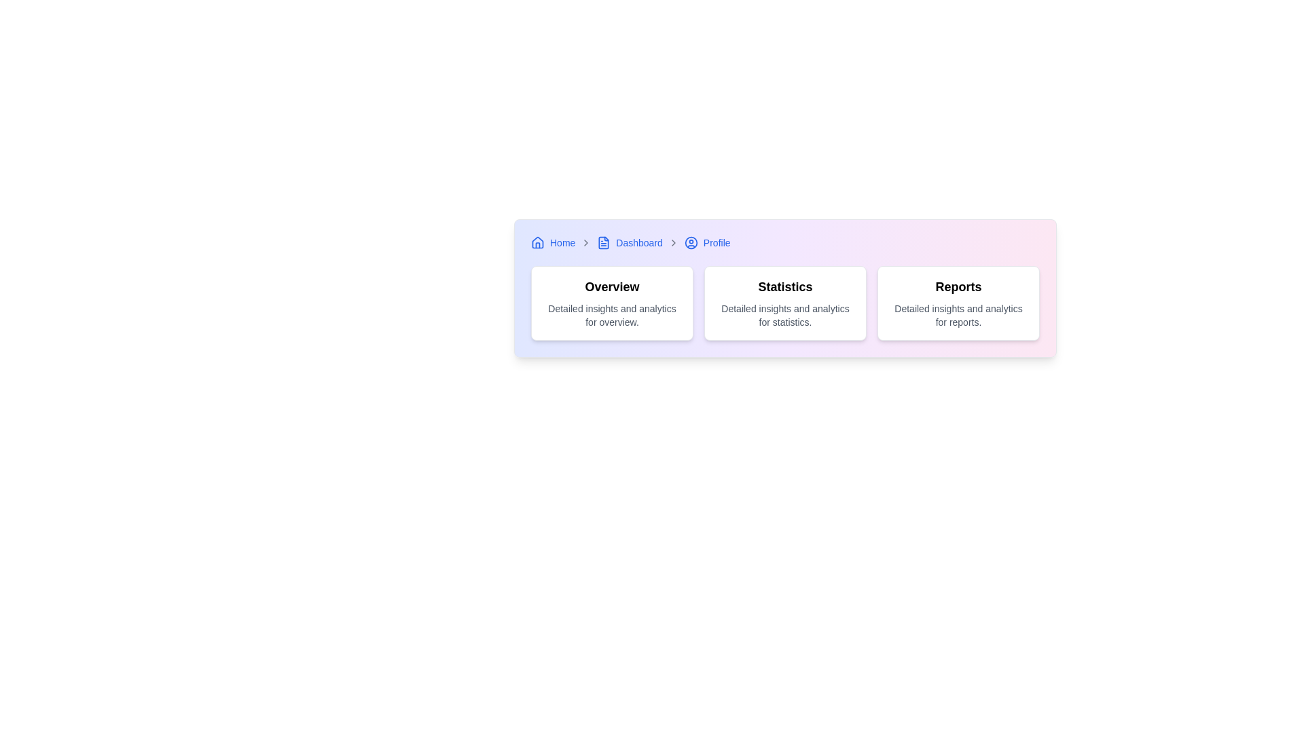 The width and height of the screenshot is (1304, 733). I want to click on the text block that describes 'Detailed insights and analytics for statistics.' located below the 'Statistics' heading in the second card from the left, so click(785, 316).